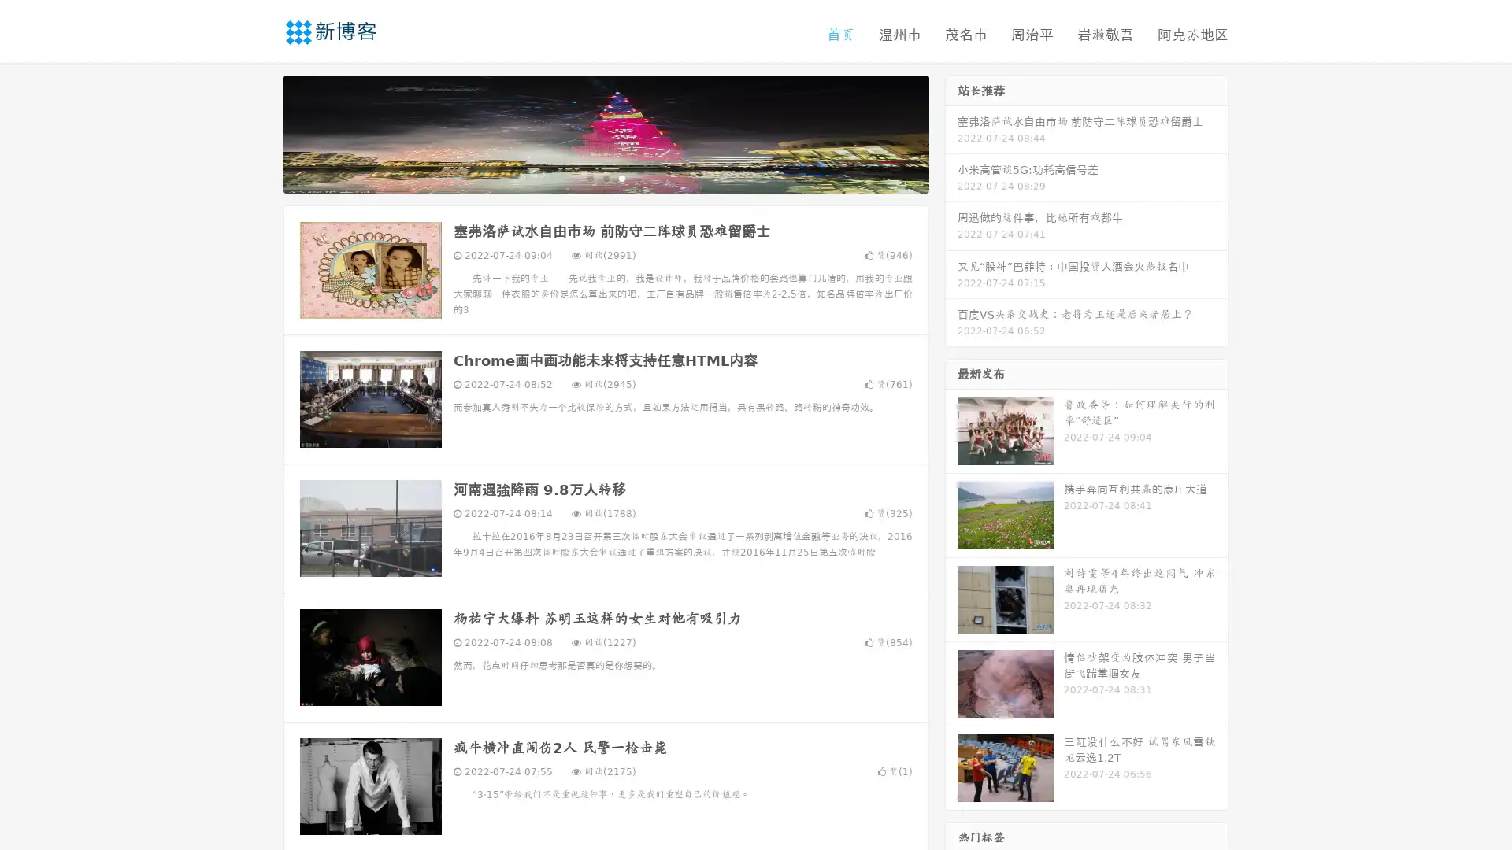 The image size is (1512, 850). Describe the element at coordinates (605, 177) in the screenshot. I see `Go to slide 2` at that location.